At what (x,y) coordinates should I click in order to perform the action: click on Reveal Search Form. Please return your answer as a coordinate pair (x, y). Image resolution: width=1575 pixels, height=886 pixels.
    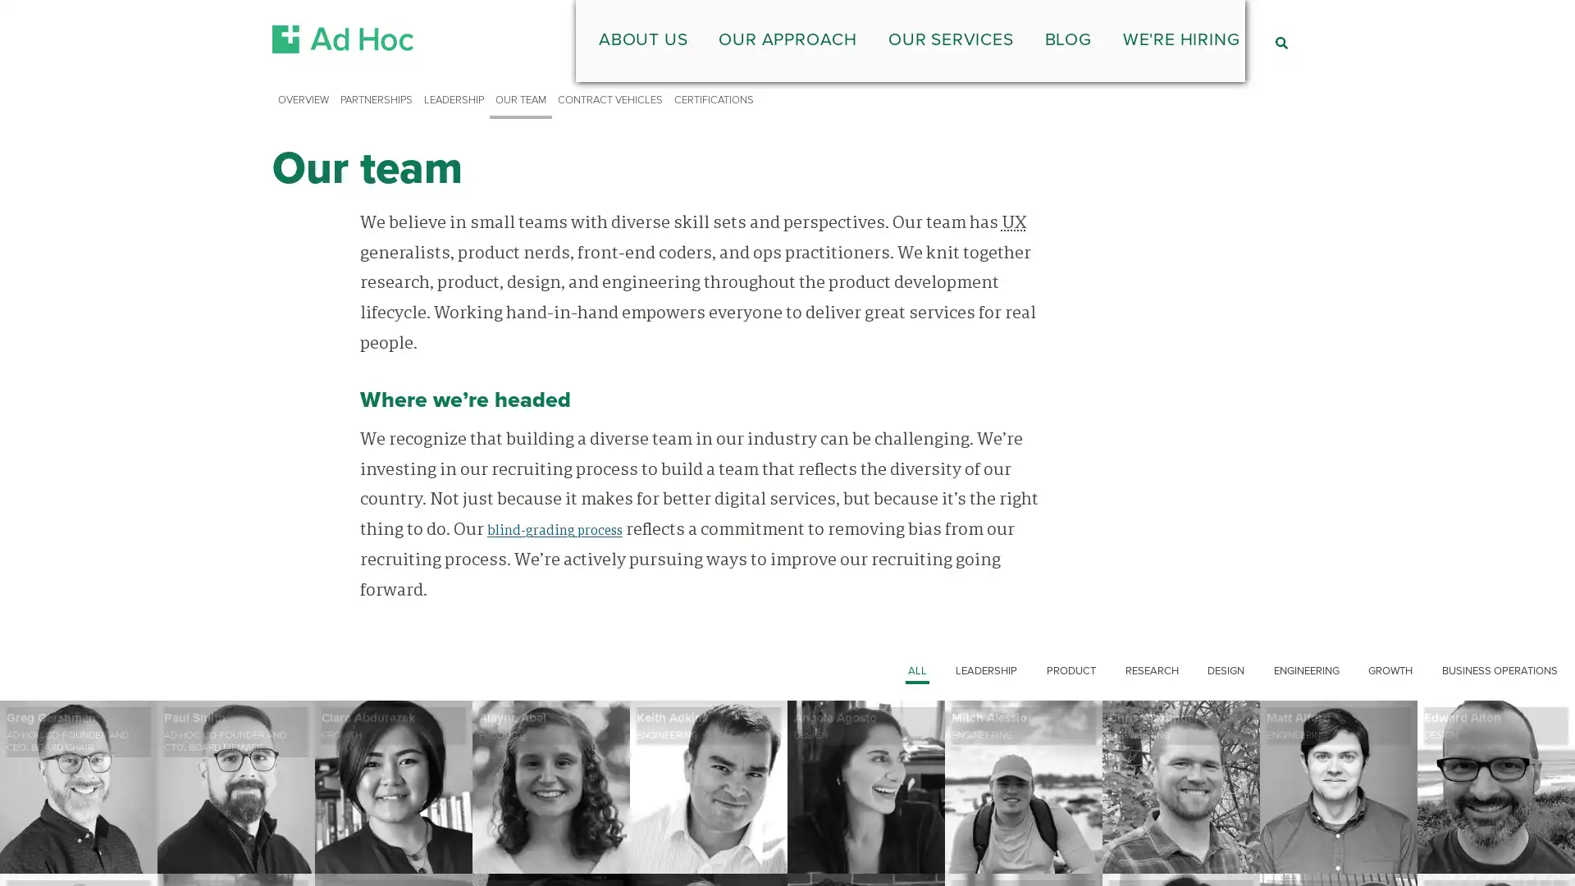
    Looking at the image, I should click on (1280, 42).